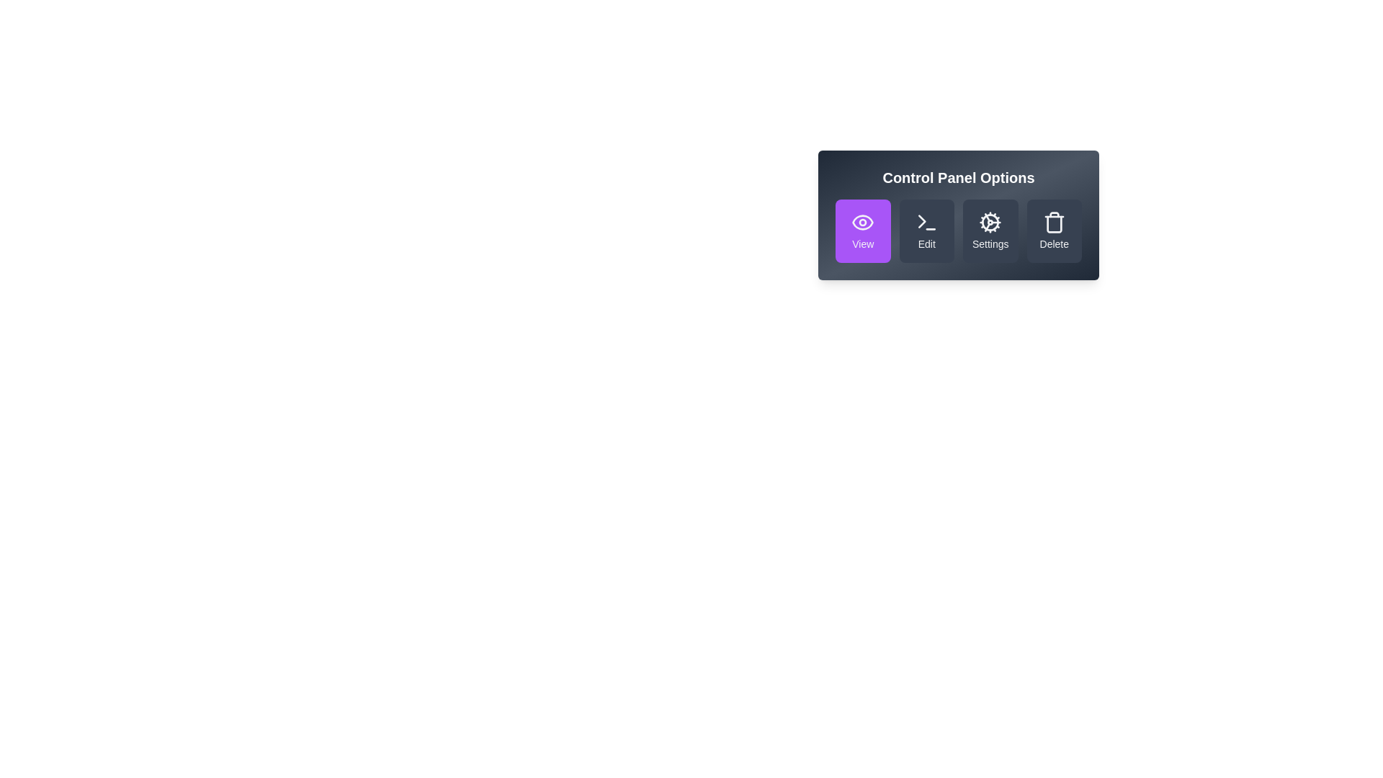  What do you see at coordinates (863, 222) in the screenshot?
I see `the 'View' icon element` at bounding box center [863, 222].